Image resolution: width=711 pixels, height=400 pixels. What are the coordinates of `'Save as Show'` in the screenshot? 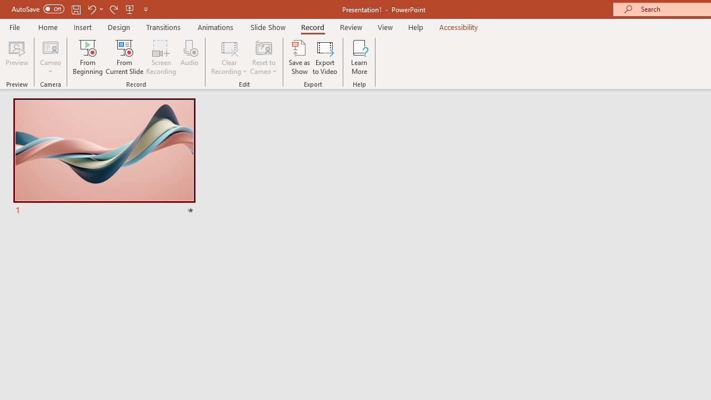 It's located at (299, 57).